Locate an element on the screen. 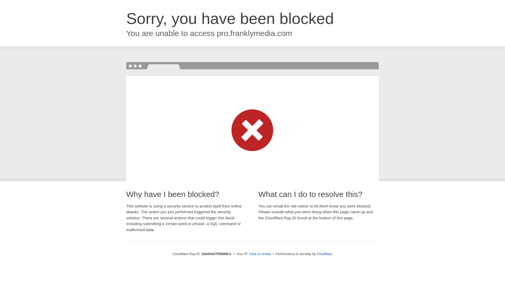 The image size is (505, 284). 'Click to reveal' is located at coordinates (260, 253).